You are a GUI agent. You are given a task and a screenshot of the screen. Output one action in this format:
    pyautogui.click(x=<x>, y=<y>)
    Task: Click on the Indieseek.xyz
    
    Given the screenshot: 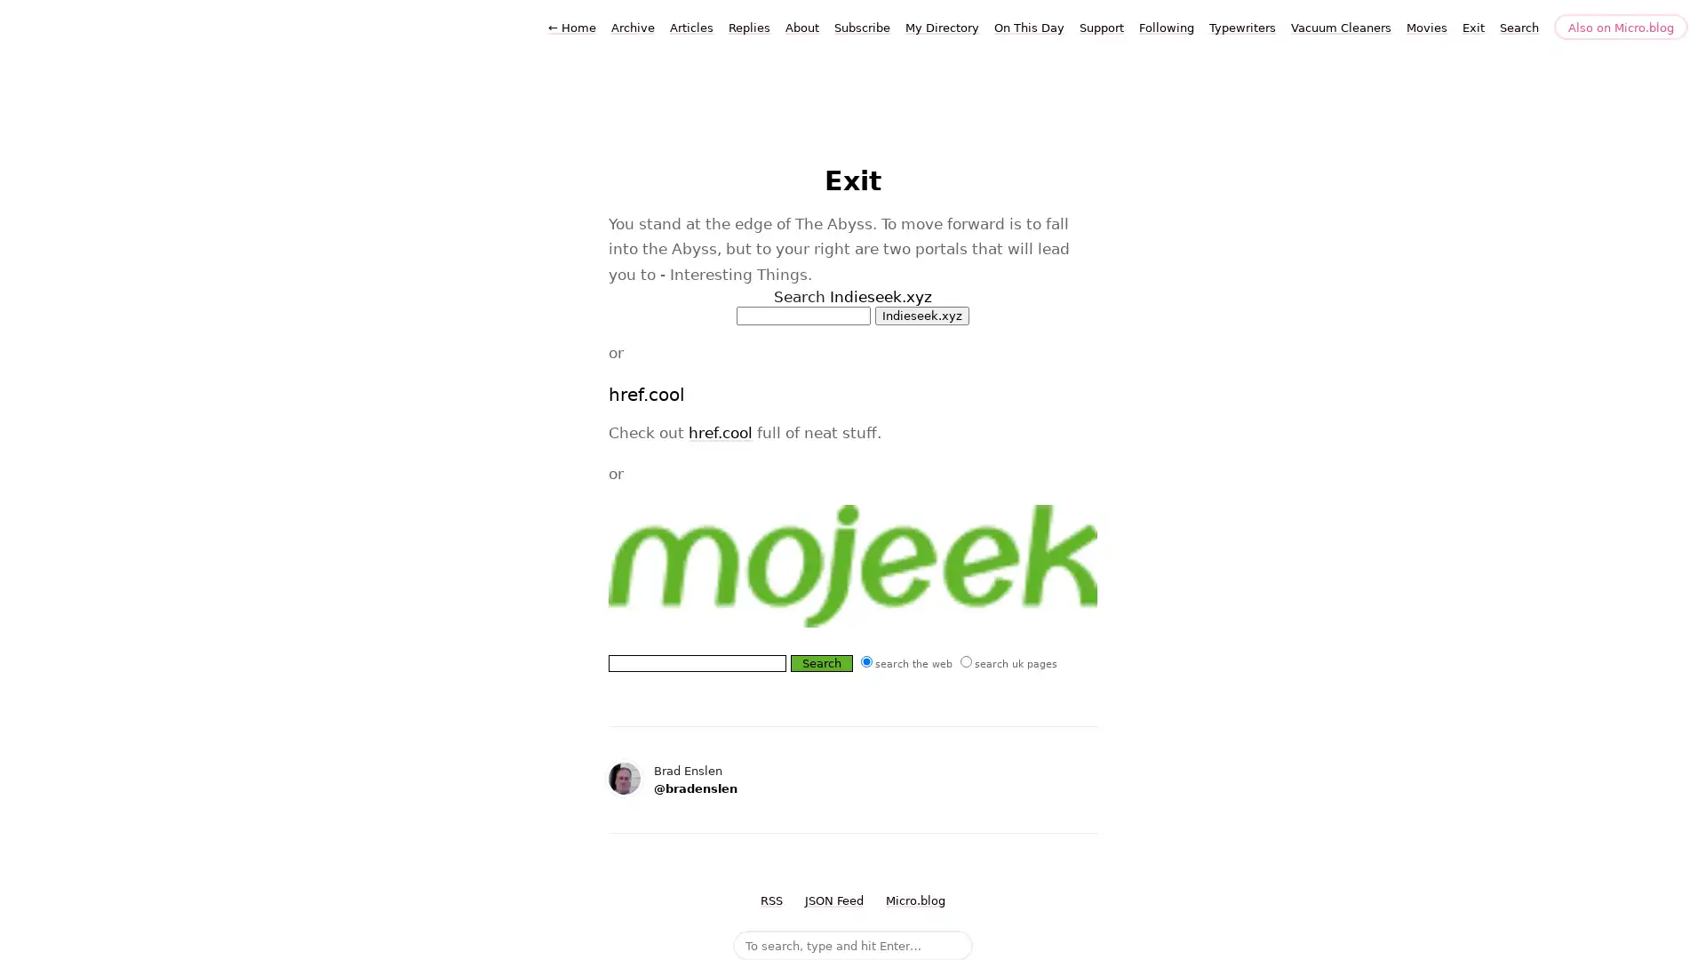 What is the action you would take?
    pyautogui.click(x=921, y=315)
    